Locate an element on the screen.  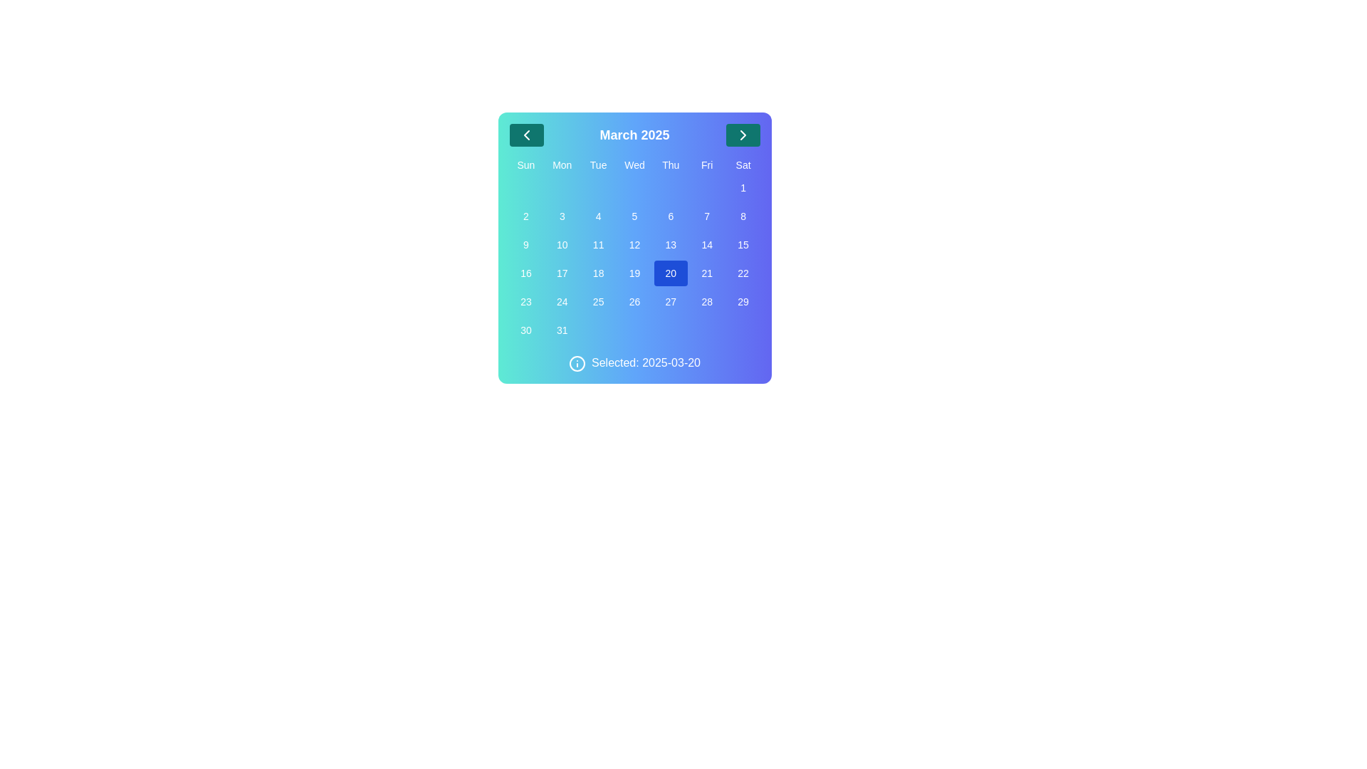
the day number in the calendar grid for March 2025 is located at coordinates (634, 249).